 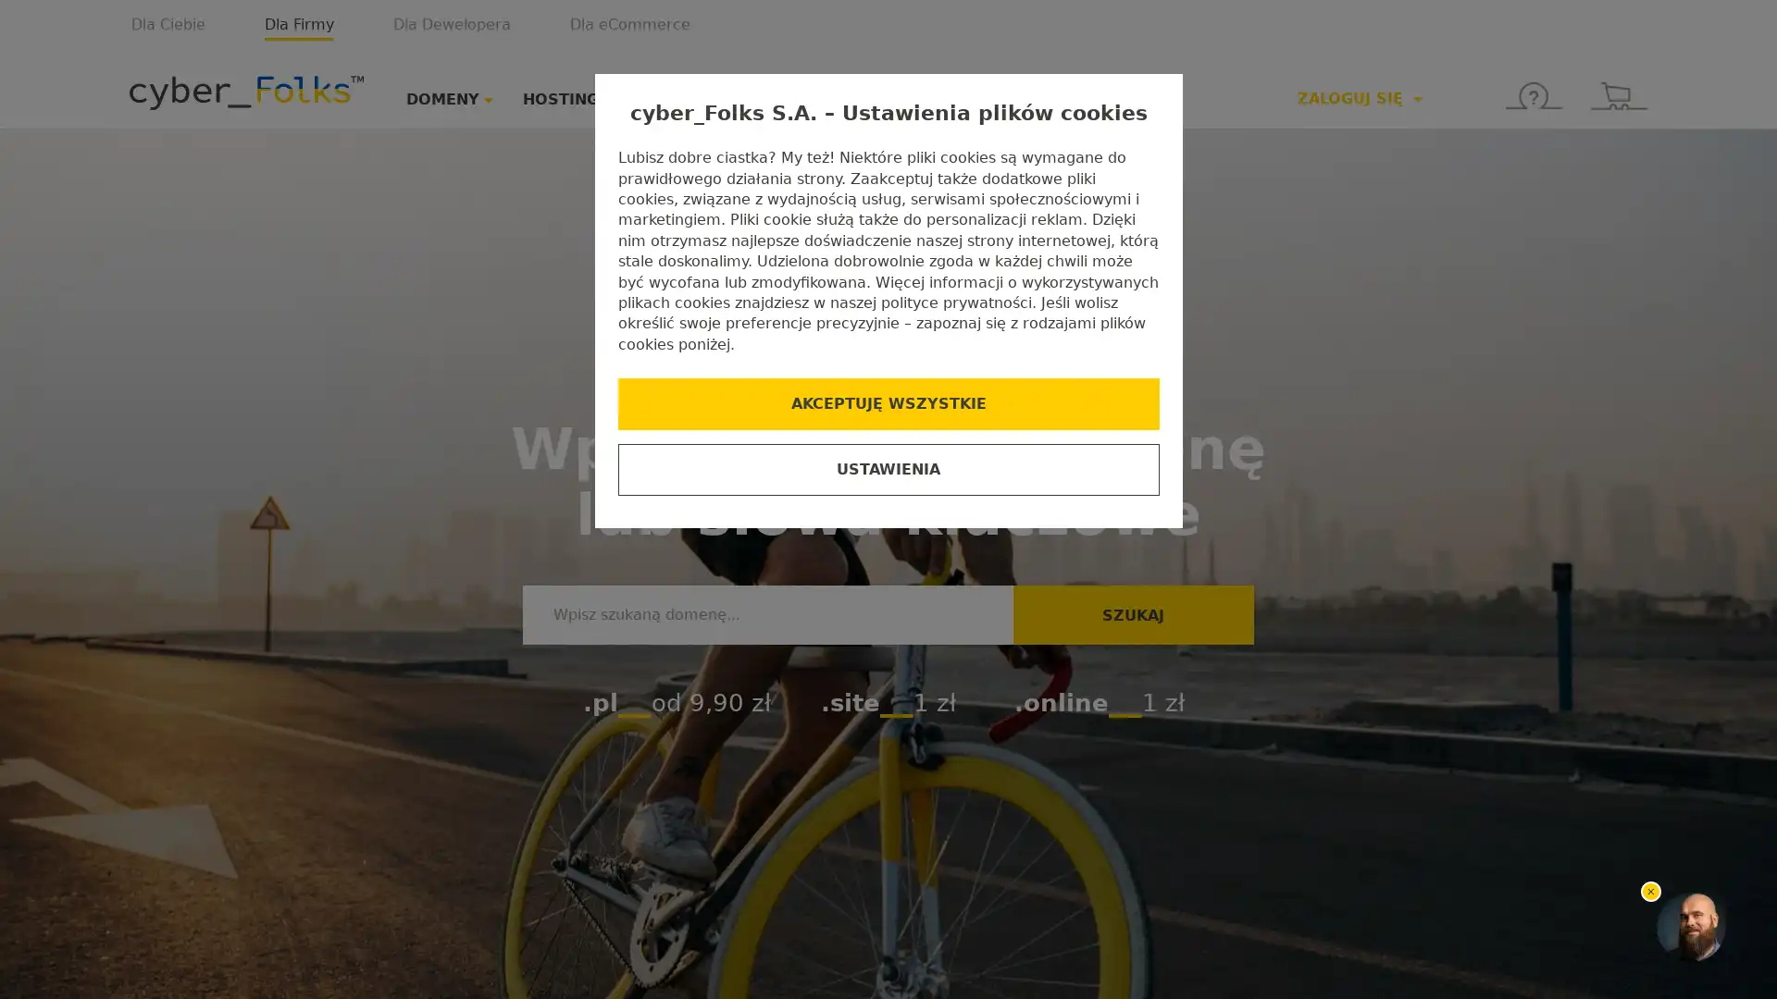 What do you see at coordinates (887, 402) in the screenshot?
I see `AKCEPTUJE WSZYSTKIE` at bounding box center [887, 402].